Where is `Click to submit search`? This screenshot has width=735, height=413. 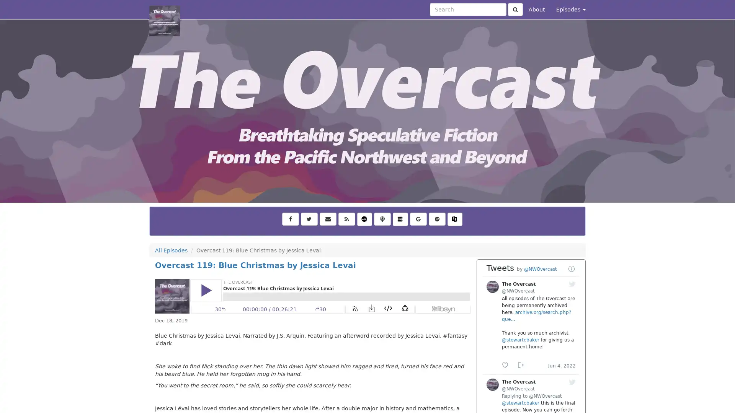 Click to submit search is located at coordinates (515, 9).